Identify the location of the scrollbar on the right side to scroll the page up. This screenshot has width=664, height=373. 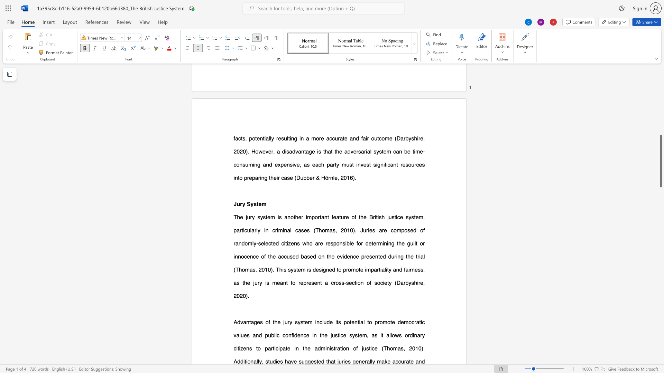
(660, 86).